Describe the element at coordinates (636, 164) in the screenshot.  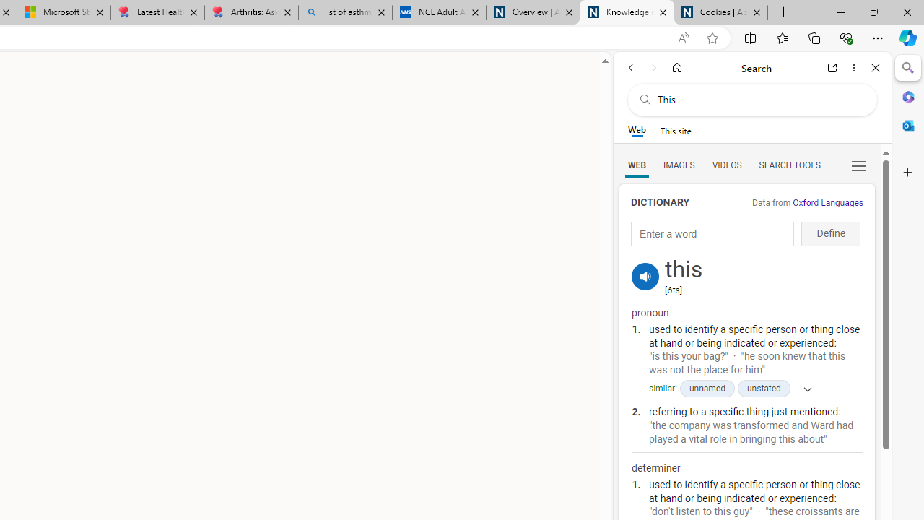
I see `'WEB  '` at that location.